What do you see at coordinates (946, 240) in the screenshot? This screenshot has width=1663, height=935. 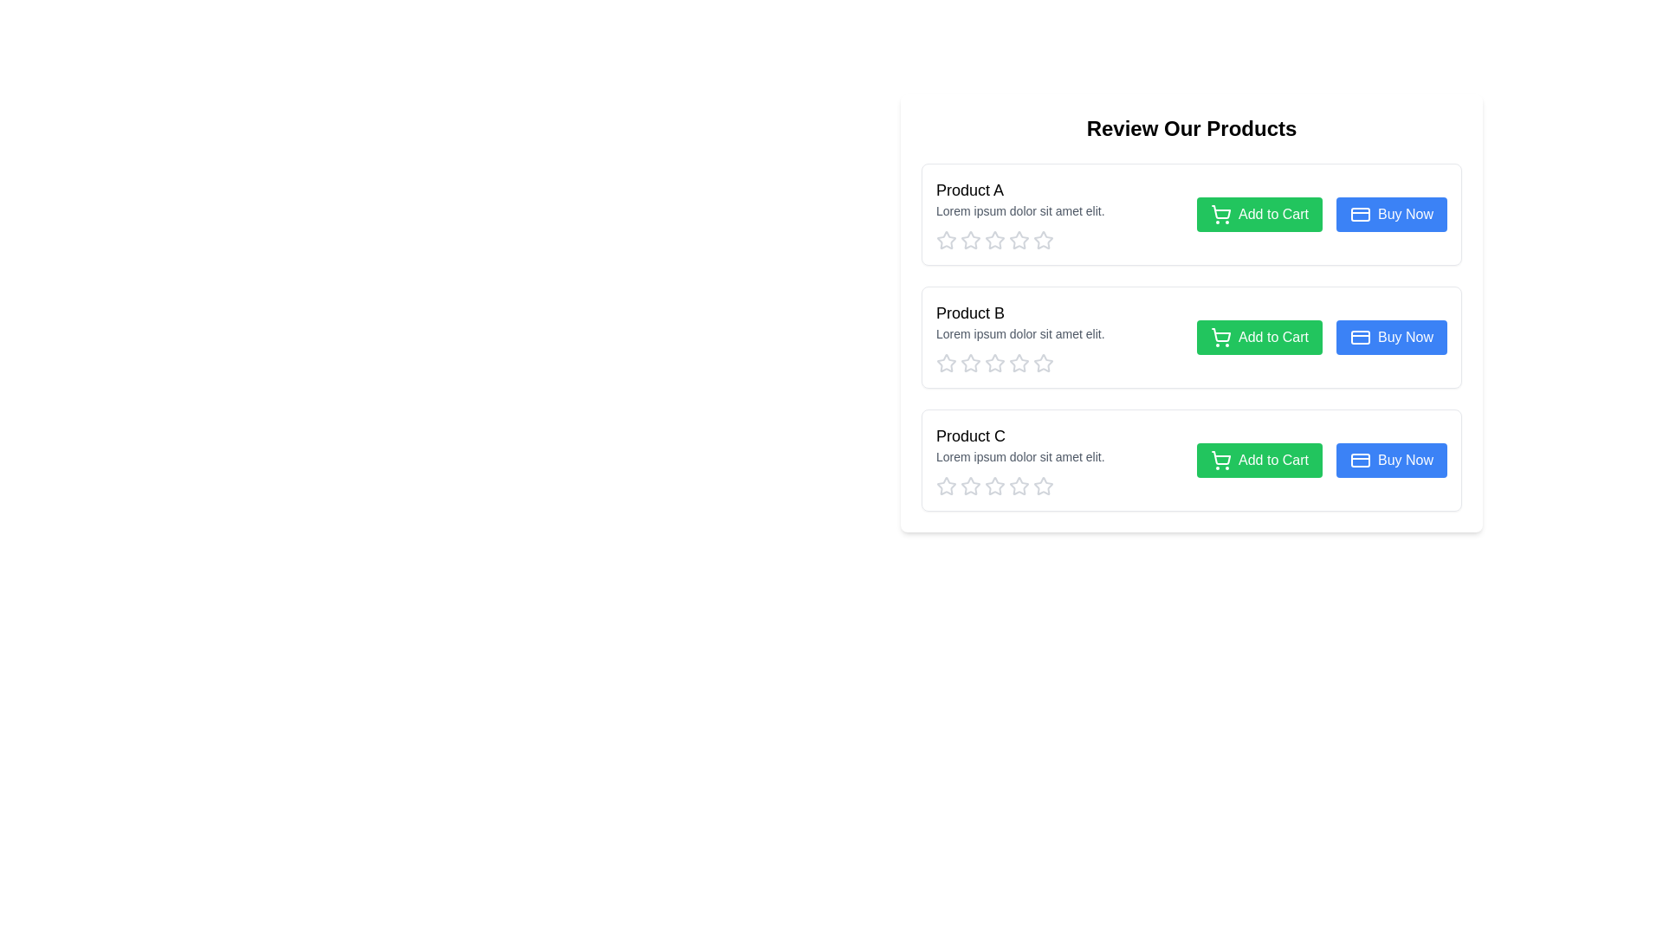 I see `the first rating star icon for 'Product A'` at bounding box center [946, 240].